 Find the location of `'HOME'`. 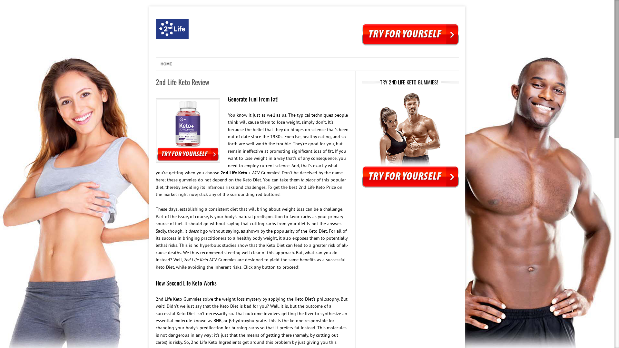

'HOME' is located at coordinates (164, 64).